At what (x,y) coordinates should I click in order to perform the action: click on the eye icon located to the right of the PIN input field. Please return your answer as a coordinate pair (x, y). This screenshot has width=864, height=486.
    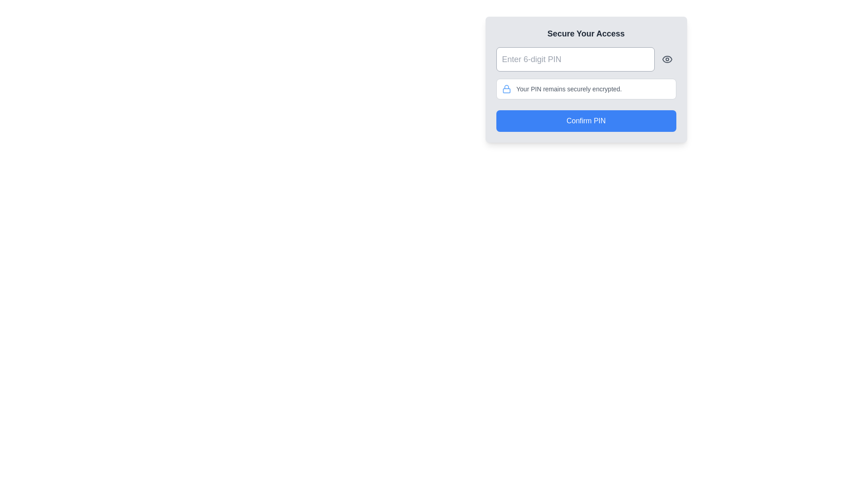
    Looking at the image, I should click on (667, 59).